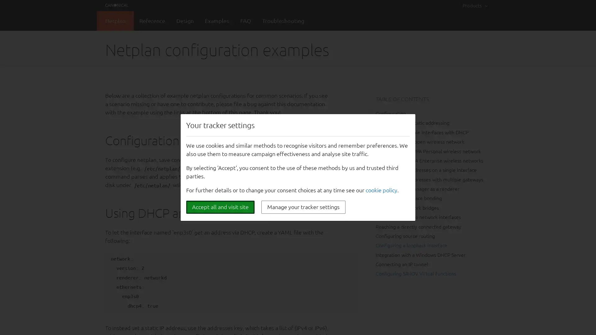  I want to click on Manage your tracker settings, so click(303, 207).